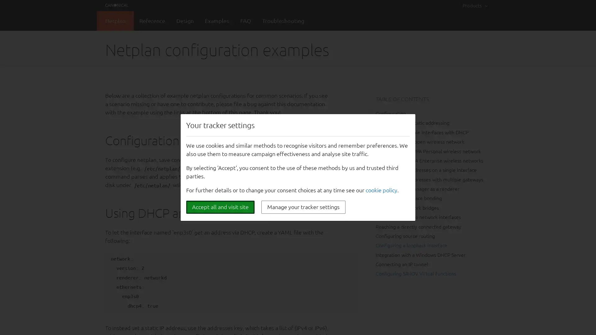  I want to click on Manage your tracker settings, so click(303, 207).